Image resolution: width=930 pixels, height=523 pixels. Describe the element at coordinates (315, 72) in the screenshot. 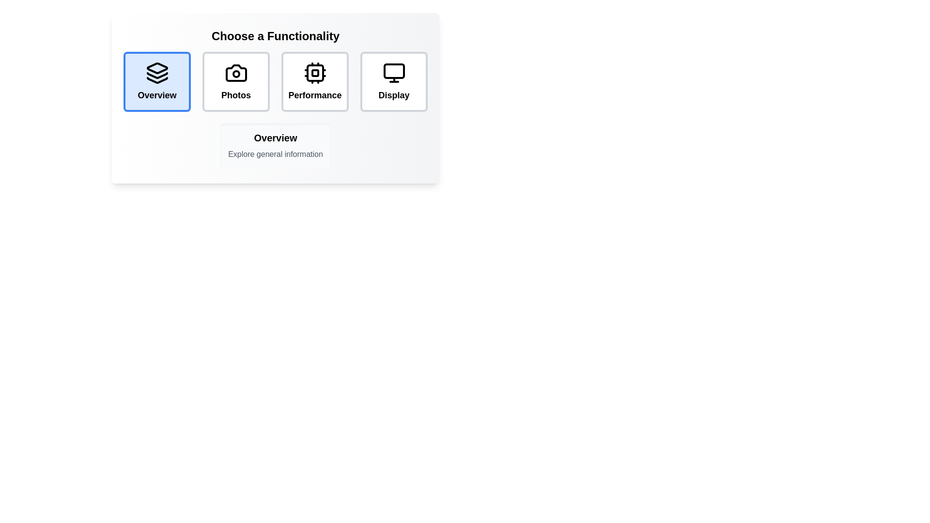

I see `the larger rectangle of the CPU icon that serves as a decorative graphical component` at that location.